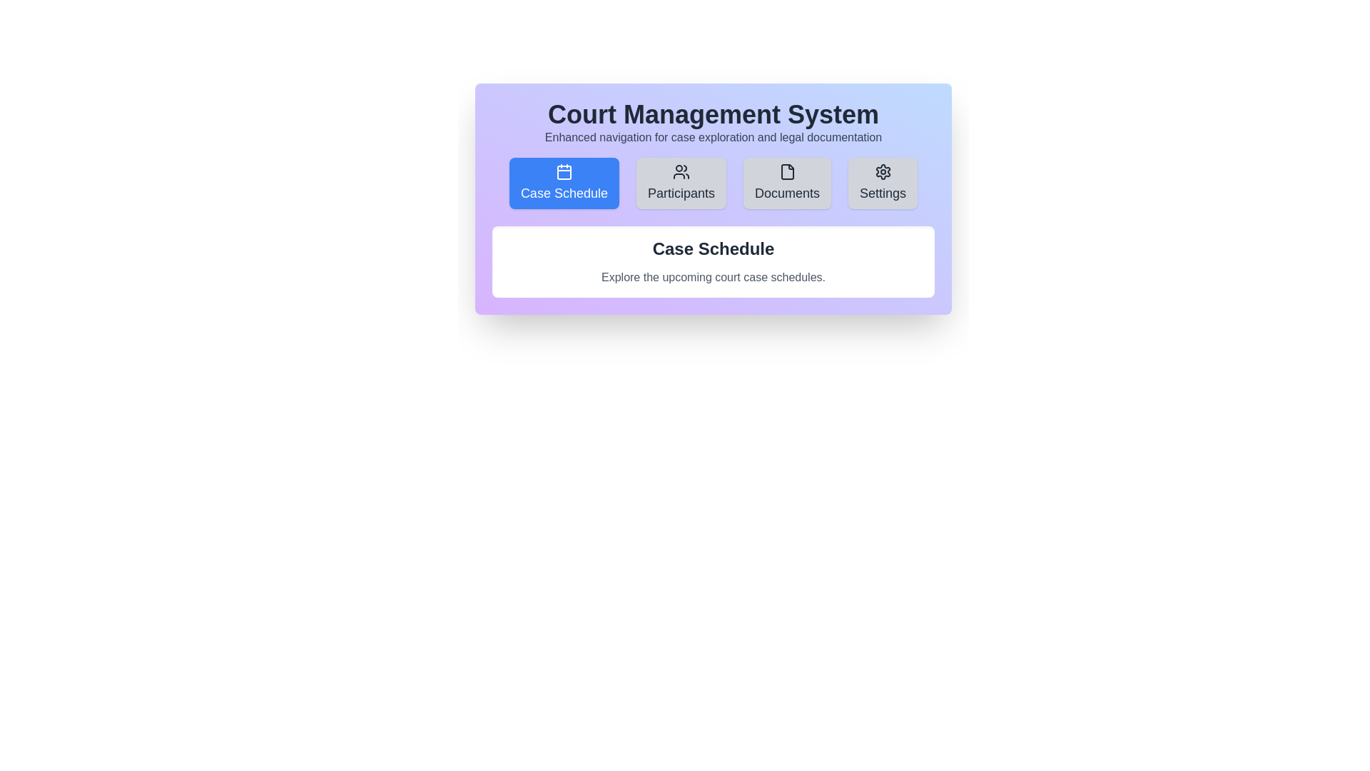 This screenshot has width=1370, height=771. Describe the element at coordinates (563, 183) in the screenshot. I see `the Case Schedule tab by clicking on its corresponding button` at that location.